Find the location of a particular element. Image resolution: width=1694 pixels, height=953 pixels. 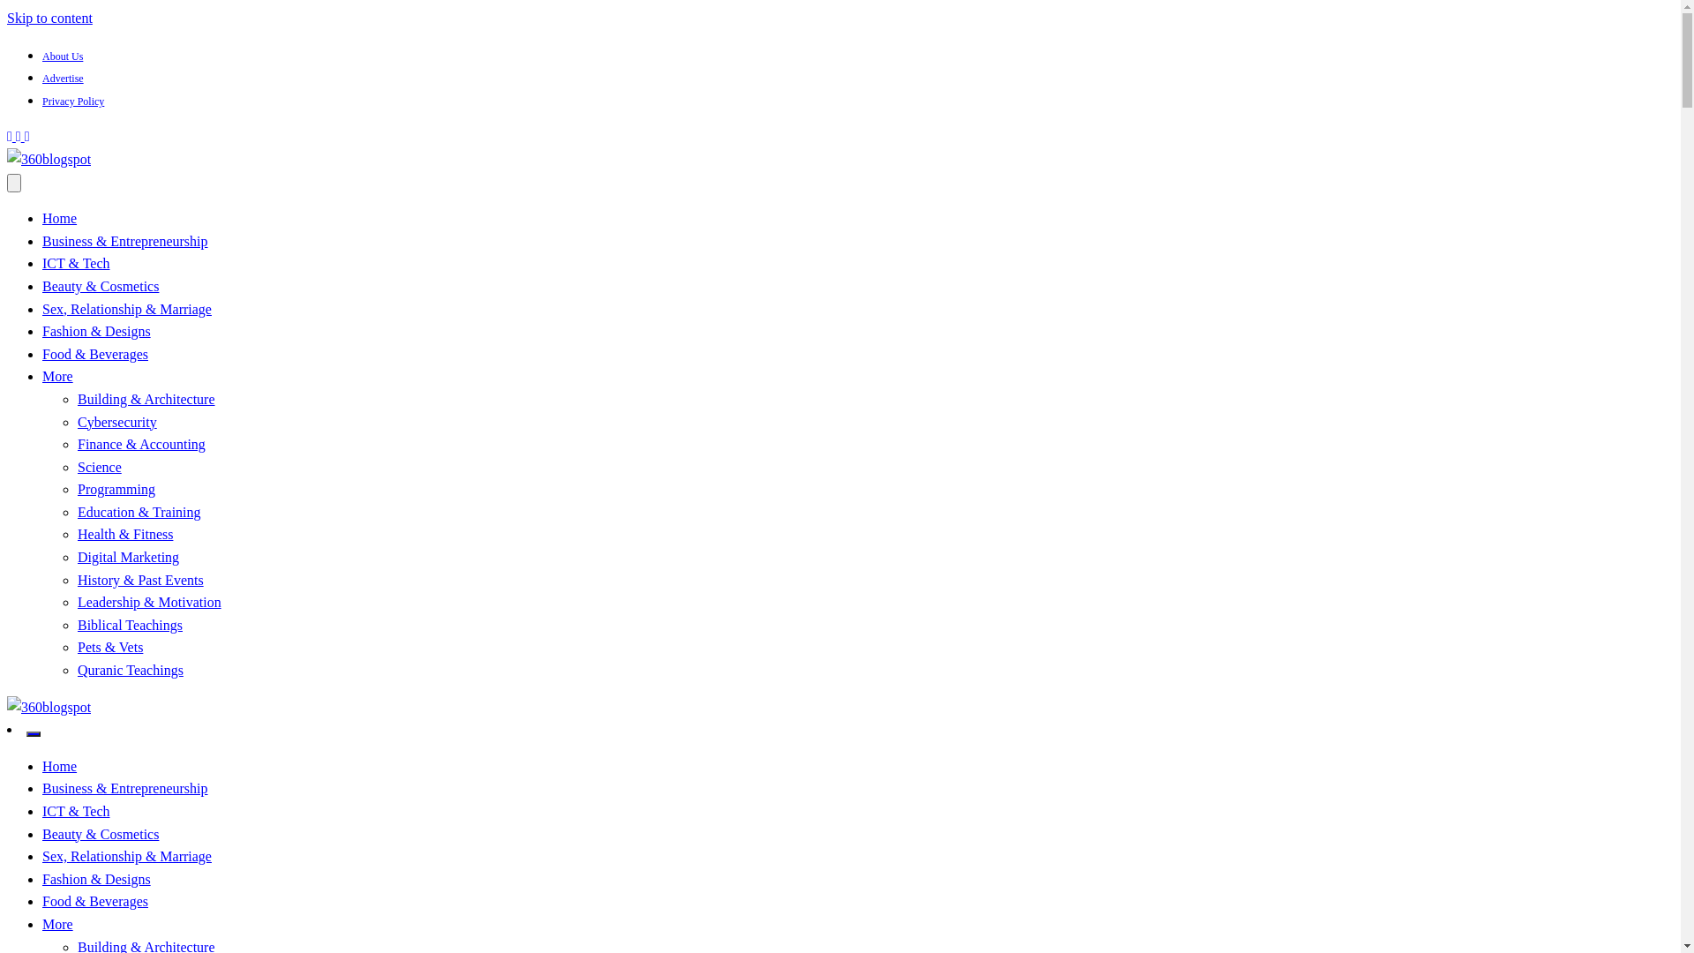

'ICT & Tech' is located at coordinates (75, 263).